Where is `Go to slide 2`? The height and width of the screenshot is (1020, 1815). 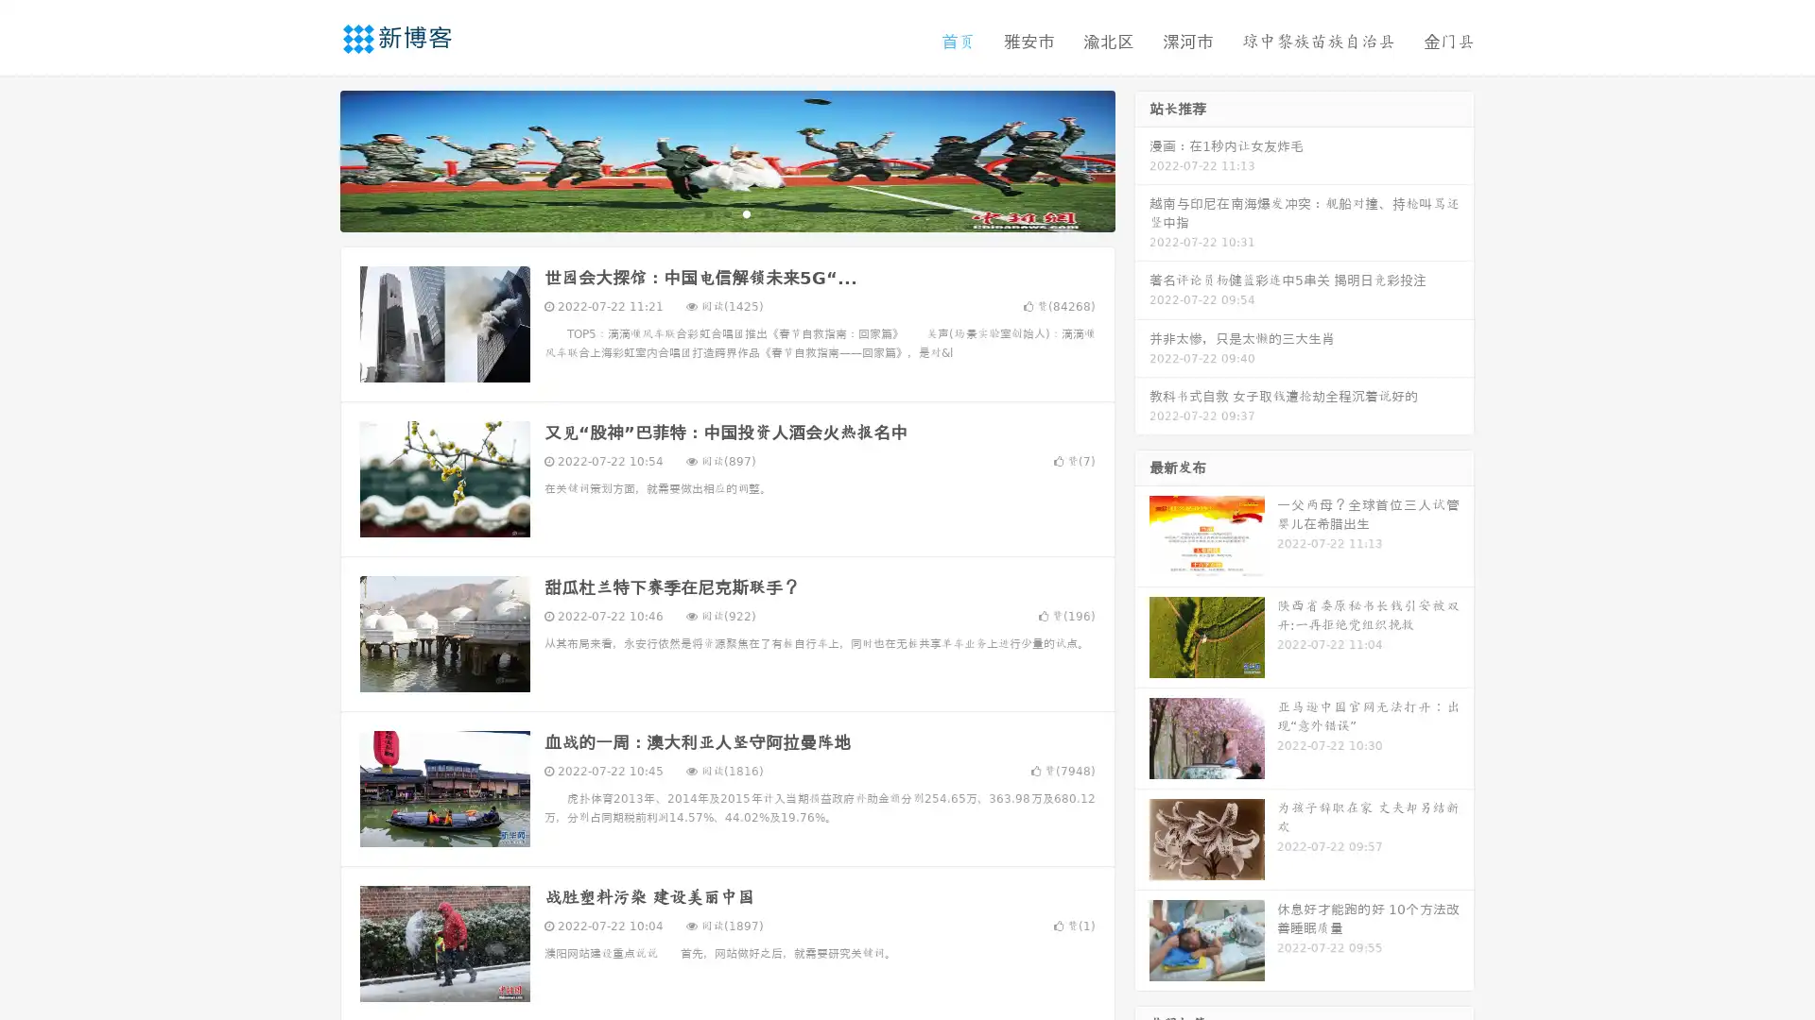 Go to slide 2 is located at coordinates (726, 212).